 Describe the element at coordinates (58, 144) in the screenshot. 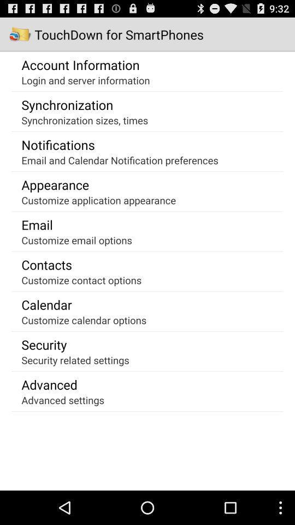

I see `the item below synchronization sizes, times` at that location.